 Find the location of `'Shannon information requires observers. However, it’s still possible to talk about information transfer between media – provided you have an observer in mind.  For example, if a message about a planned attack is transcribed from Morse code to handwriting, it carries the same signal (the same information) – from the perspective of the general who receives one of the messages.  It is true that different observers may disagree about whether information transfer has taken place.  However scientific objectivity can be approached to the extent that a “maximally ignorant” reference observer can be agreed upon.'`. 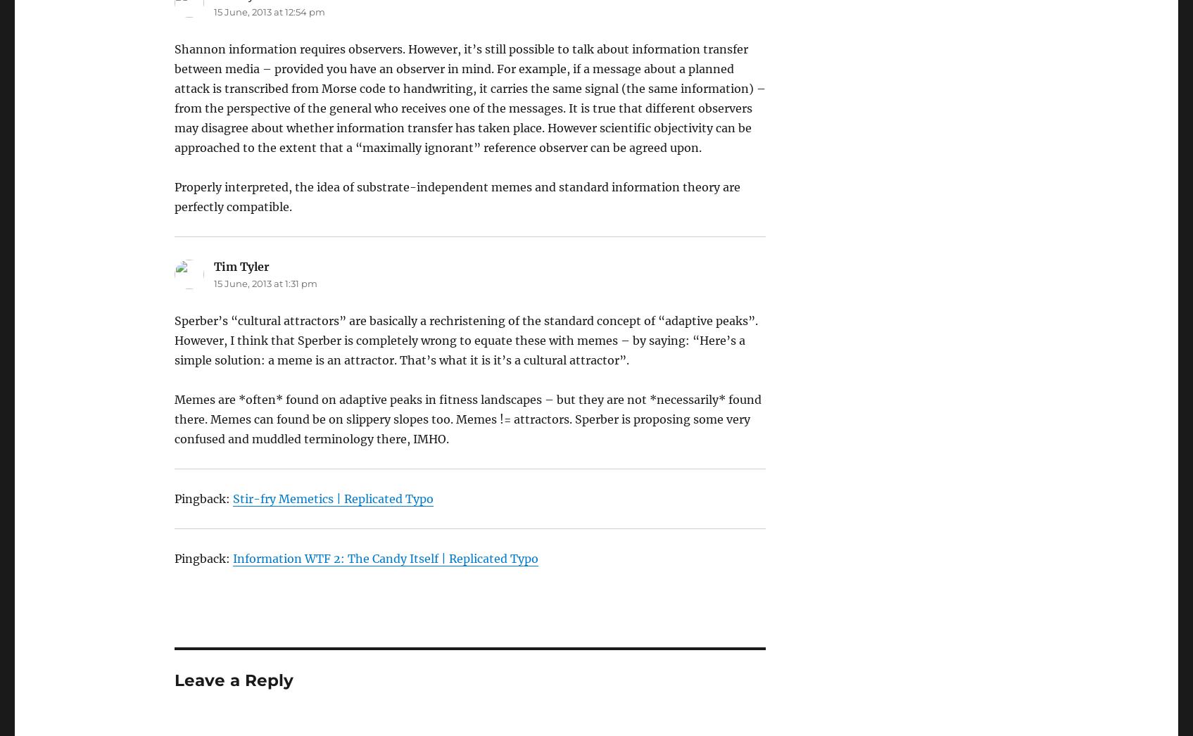

'Shannon information requires observers. However, it’s still possible to talk about information transfer between media – provided you have an observer in mind.  For example, if a message about a planned attack is transcribed from Morse code to handwriting, it carries the same signal (the same information) – from the perspective of the general who receives one of the messages.  It is true that different observers may disagree about whether information transfer has taken place.  However scientific objectivity can be approached to the extent that a “maximally ignorant” reference observer can be agreed upon.' is located at coordinates (469, 97).